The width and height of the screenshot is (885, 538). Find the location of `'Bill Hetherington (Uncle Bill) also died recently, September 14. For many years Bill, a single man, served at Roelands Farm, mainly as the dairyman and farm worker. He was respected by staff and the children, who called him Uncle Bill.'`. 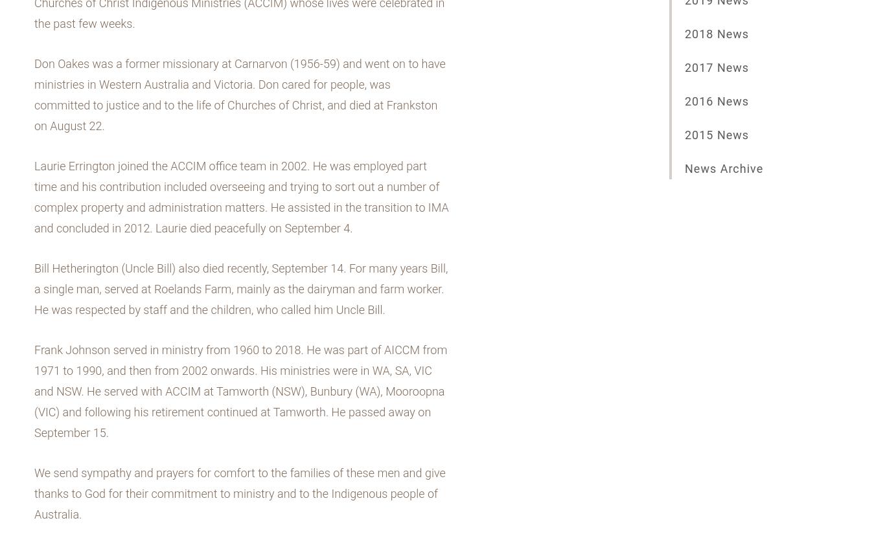

'Bill Hetherington (Uncle Bill) also died recently, September 14. For many years Bill, a single man, served at Roelands Farm, mainly as the dairyman and farm worker. He was respected by staff and the children, who called him Uncle Bill.' is located at coordinates (240, 288).